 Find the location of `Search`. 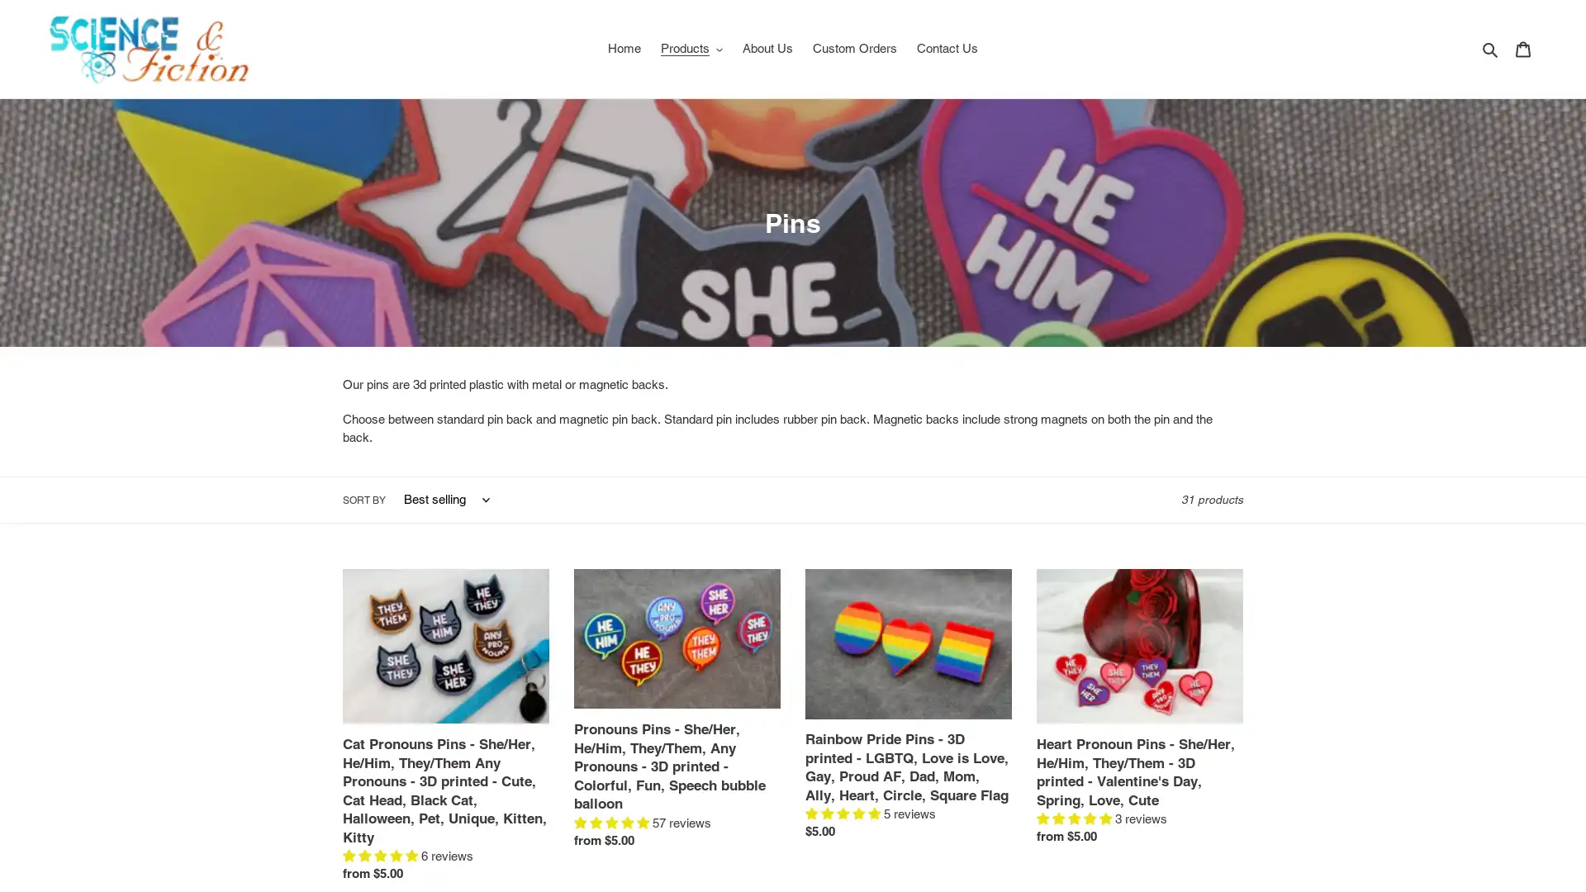

Search is located at coordinates (1491, 47).